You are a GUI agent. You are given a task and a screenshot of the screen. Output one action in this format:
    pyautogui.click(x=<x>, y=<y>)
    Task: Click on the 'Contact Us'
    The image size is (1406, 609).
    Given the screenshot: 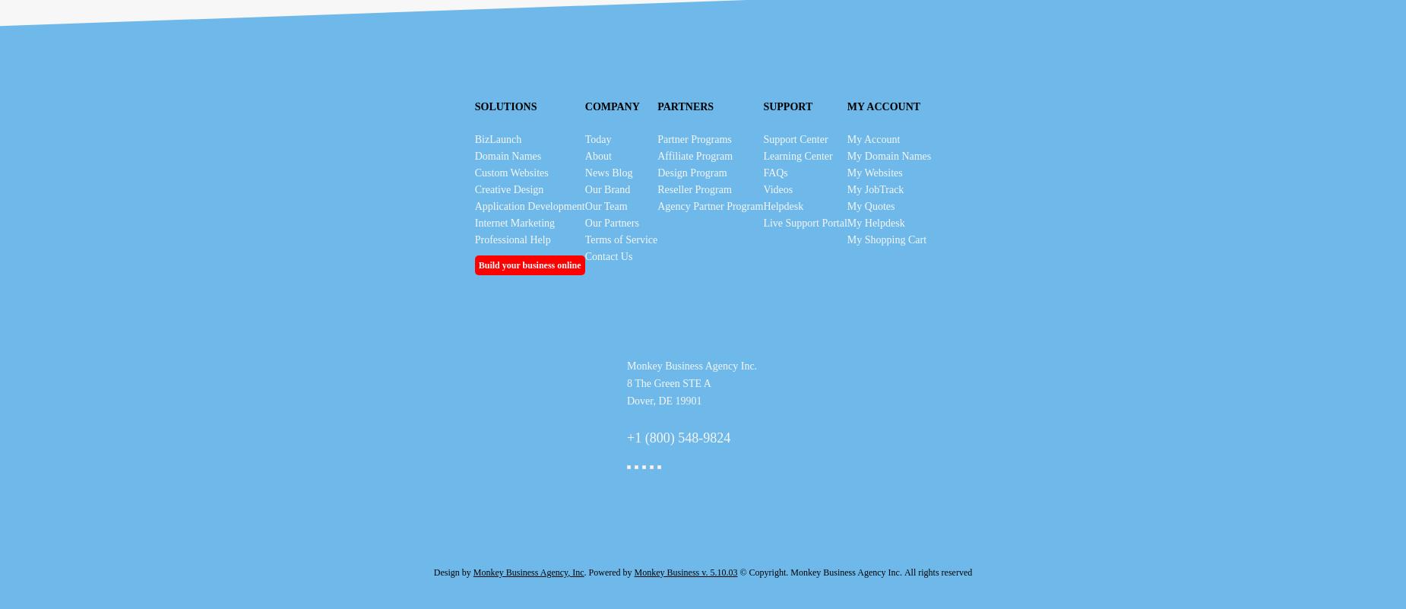 What is the action you would take?
    pyautogui.click(x=608, y=255)
    